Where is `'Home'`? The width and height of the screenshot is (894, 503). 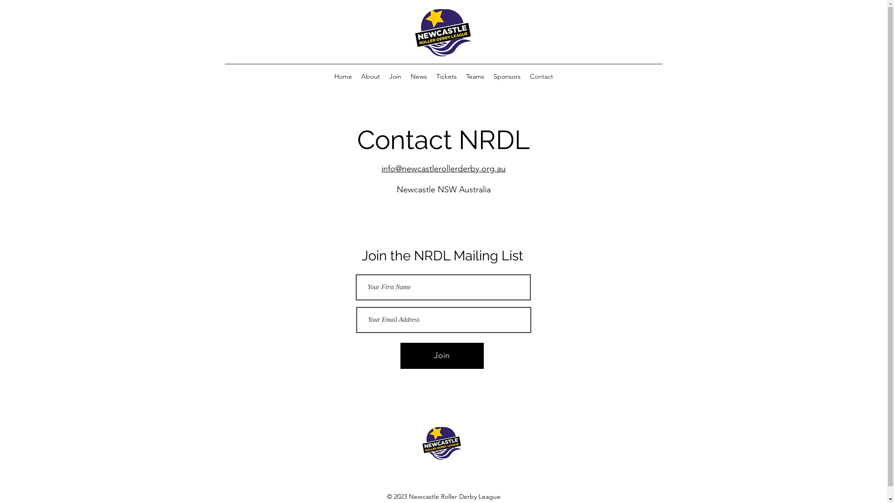 'Home' is located at coordinates (343, 76).